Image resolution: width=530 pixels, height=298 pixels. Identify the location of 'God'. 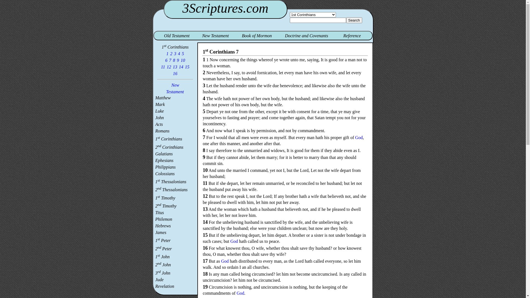
(225, 261).